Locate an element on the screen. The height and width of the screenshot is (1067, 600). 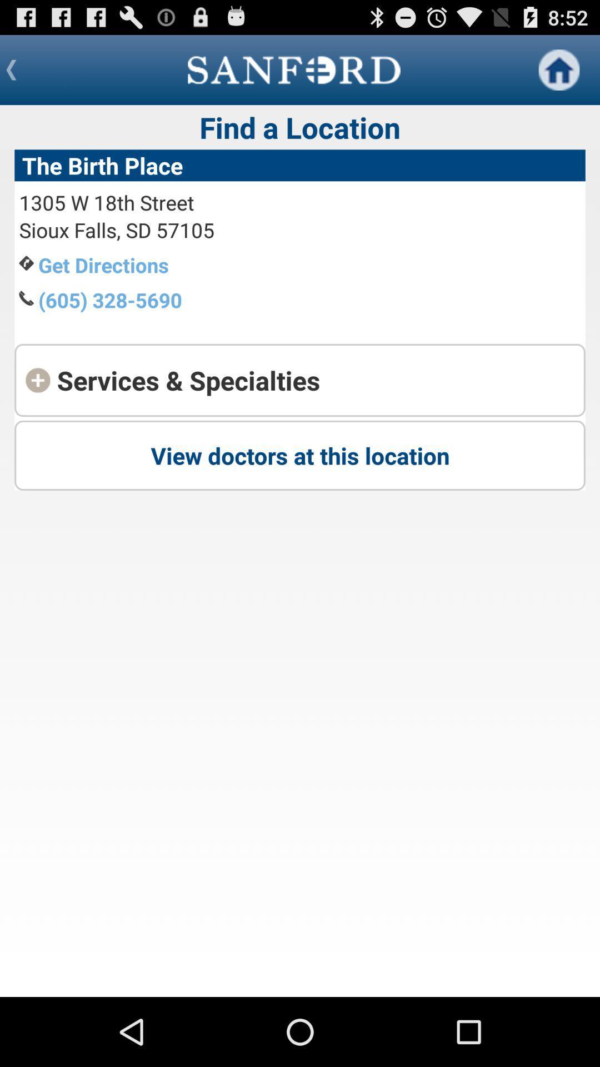
view doctors at item is located at coordinates (300, 455).